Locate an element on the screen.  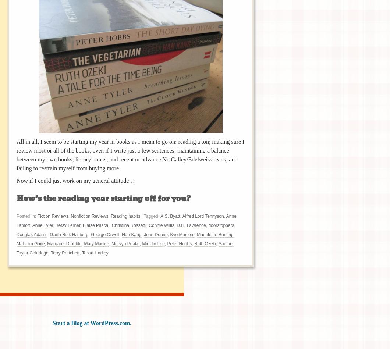
'Han Kang' is located at coordinates (122, 234).